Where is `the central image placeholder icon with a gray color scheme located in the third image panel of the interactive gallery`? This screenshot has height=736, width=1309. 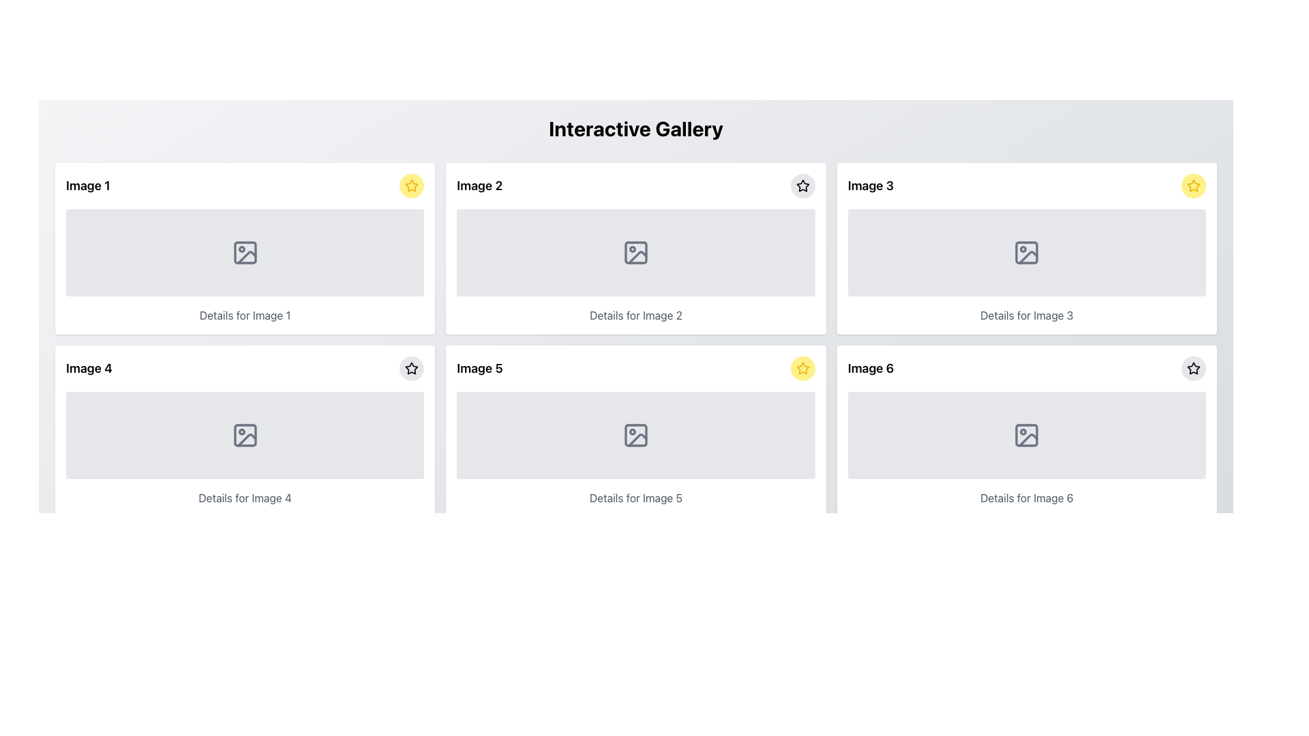 the central image placeholder icon with a gray color scheme located in the third image panel of the interactive gallery is located at coordinates (1027, 252).